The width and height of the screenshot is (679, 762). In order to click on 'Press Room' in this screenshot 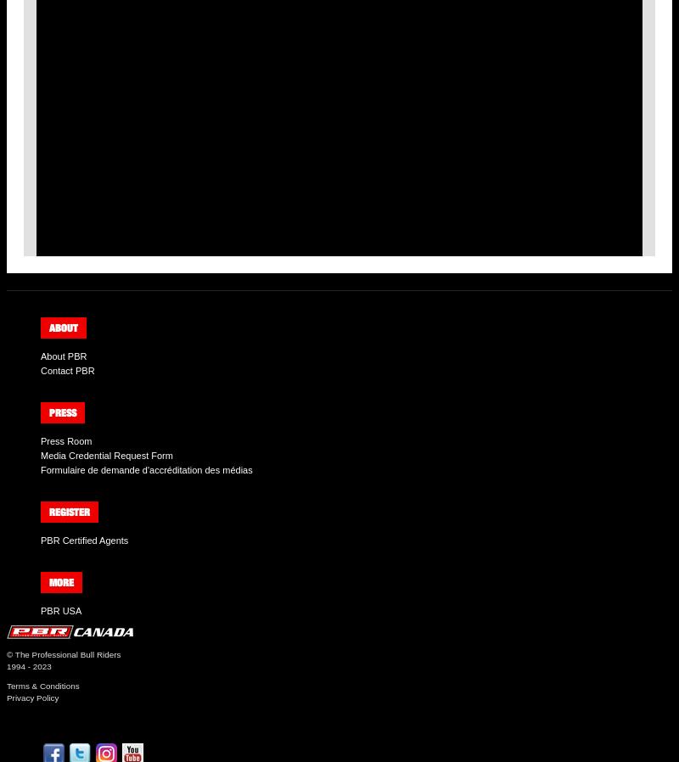, I will do `click(66, 440)`.